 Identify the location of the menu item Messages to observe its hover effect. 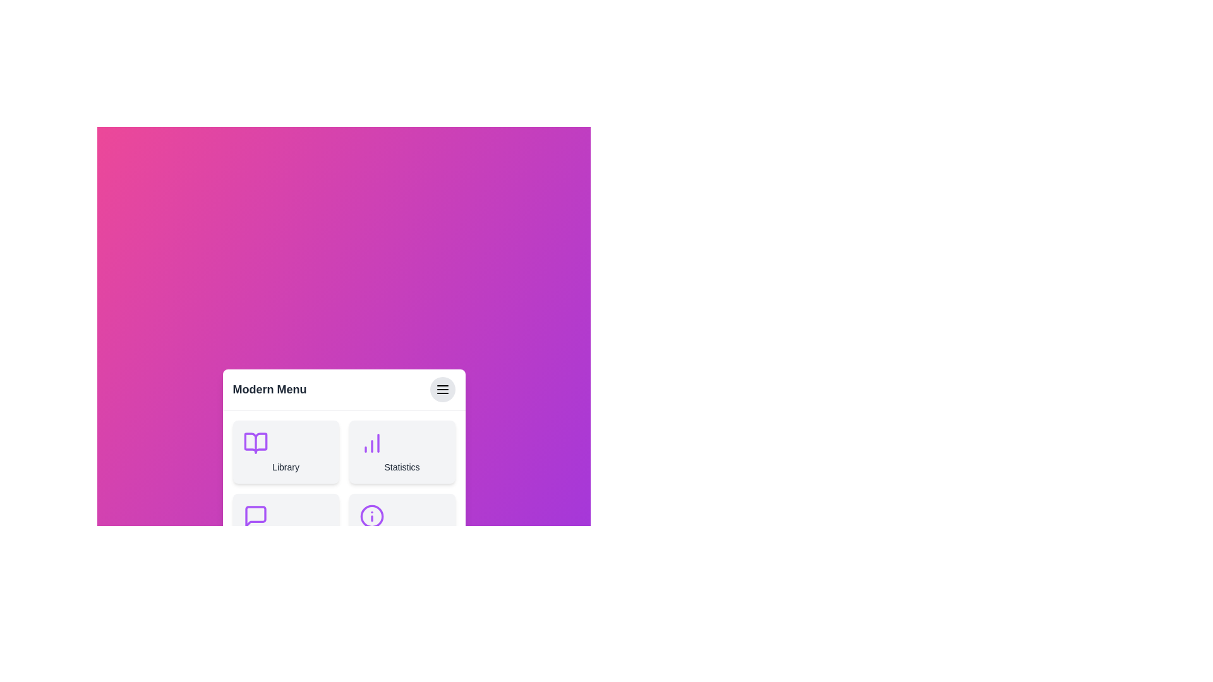
(285, 525).